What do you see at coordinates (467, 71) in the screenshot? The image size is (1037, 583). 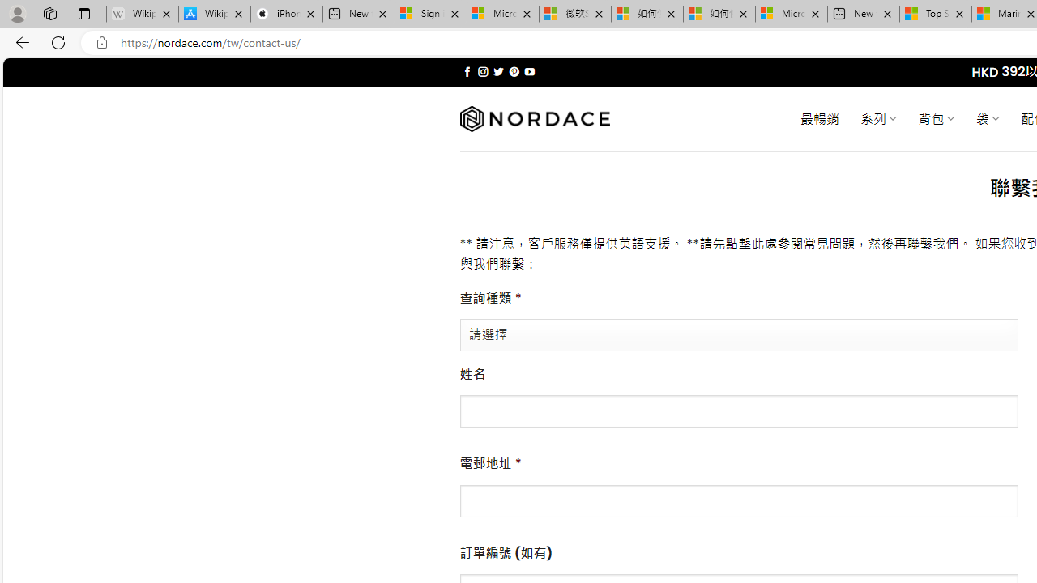 I see `'Follow on Facebook'` at bounding box center [467, 71].